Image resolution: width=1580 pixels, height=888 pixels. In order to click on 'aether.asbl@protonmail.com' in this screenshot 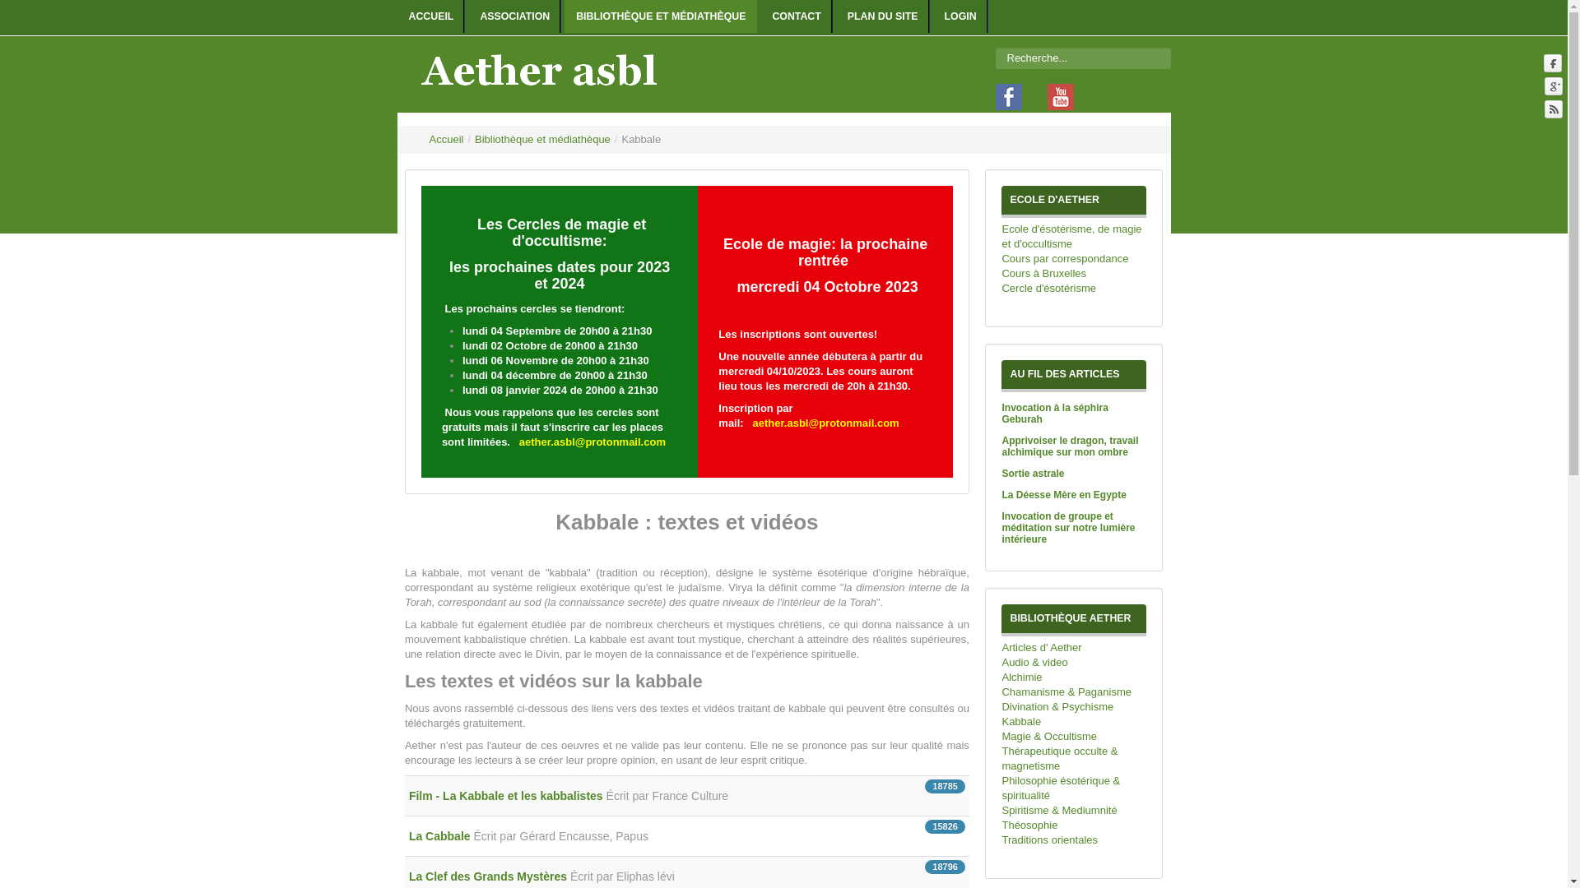, I will do `click(752, 422)`.